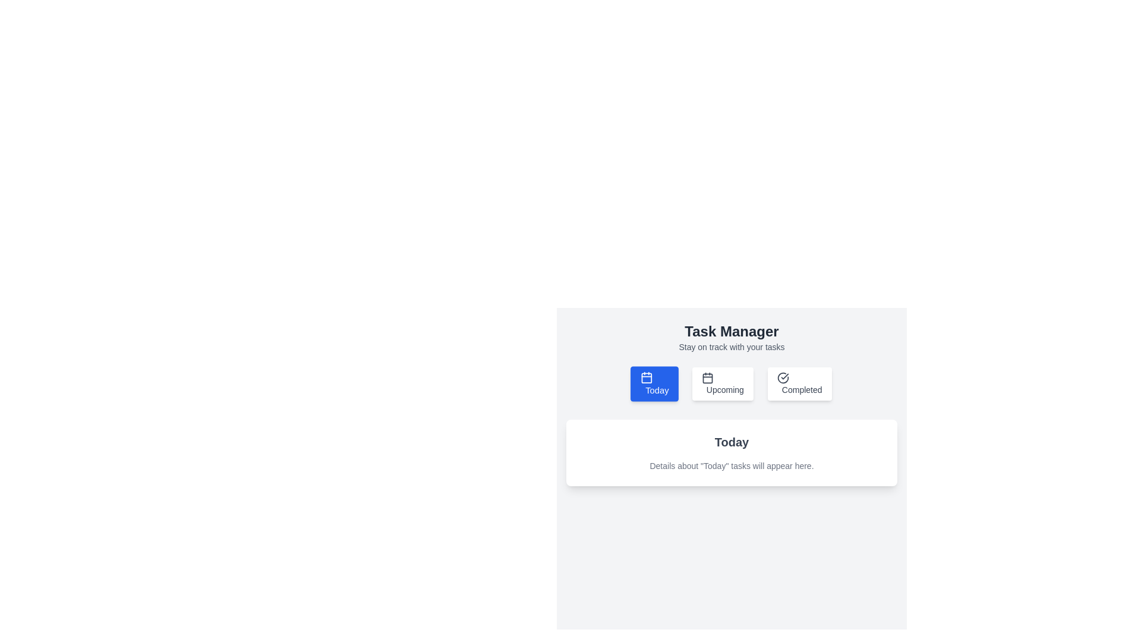 This screenshot has height=642, width=1141. What do you see at coordinates (731, 465) in the screenshot?
I see `text 'Details about "Today" tasks will appear here.' located below the 'Today' header in a small gray font within a white box` at bounding box center [731, 465].